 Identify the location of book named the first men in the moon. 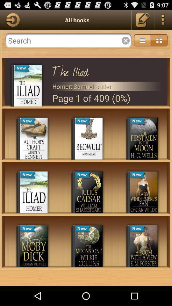
(144, 138).